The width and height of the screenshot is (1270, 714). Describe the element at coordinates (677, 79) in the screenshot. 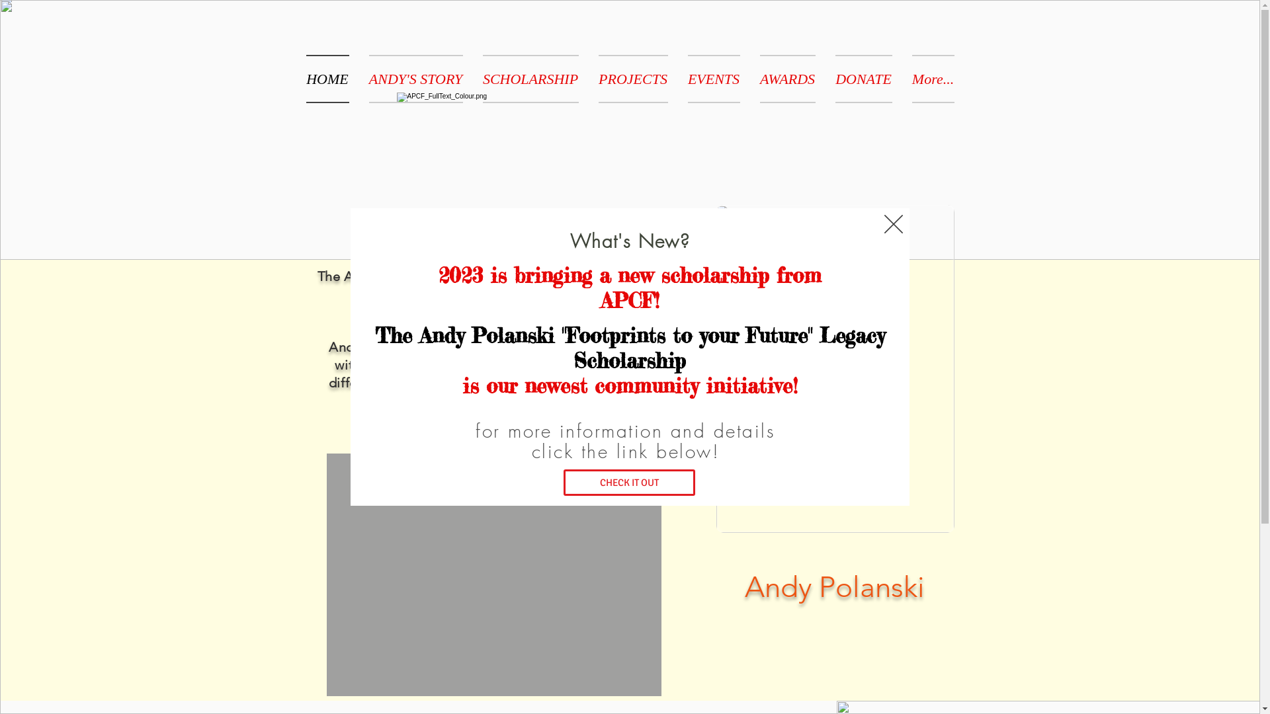

I see `'EVENTS'` at that location.